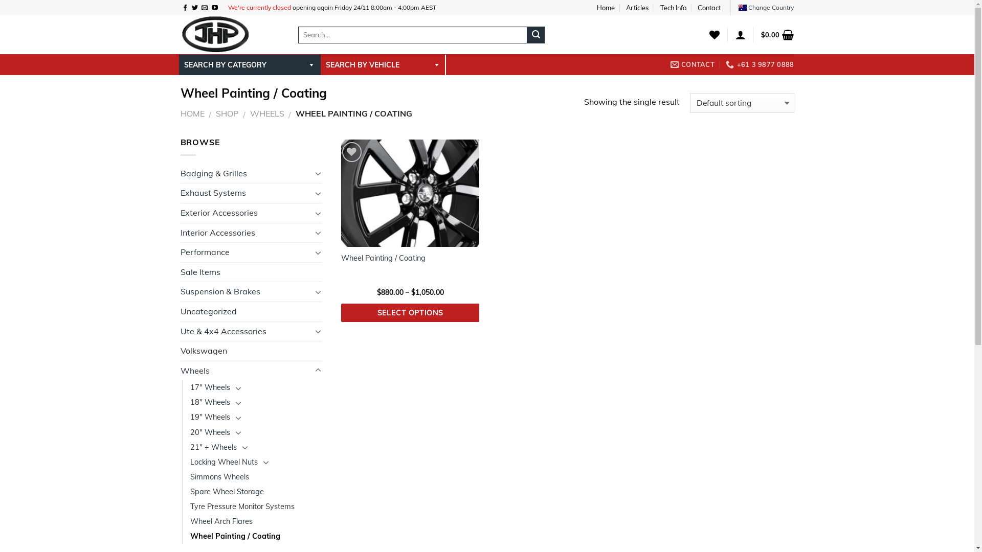 Image resolution: width=982 pixels, height=552 pixels. What do you see at coordinates (245, 291) in the screenshot?
I see `'Suspension & Brakes'` at bounding box center [245, 291].